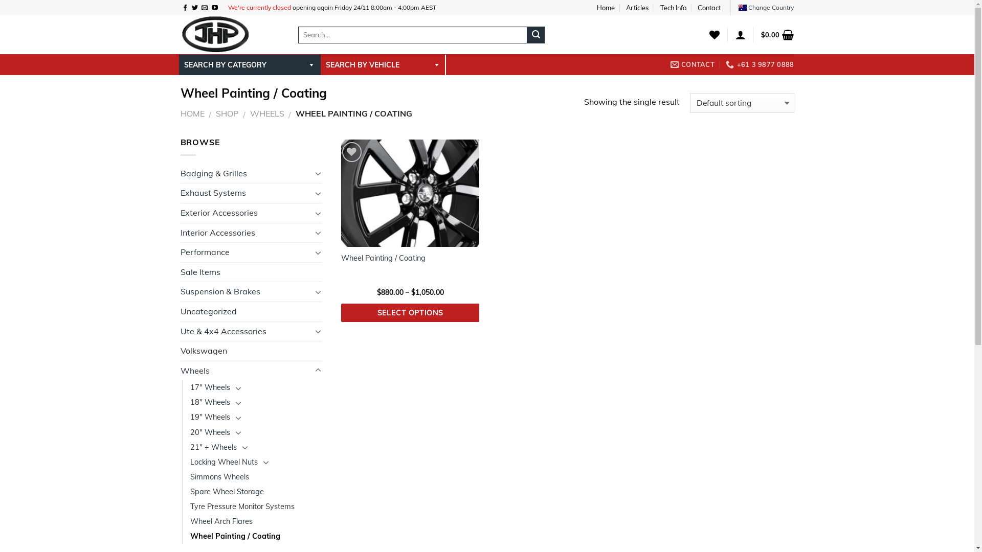 Image resolution: width=982 pixels, height=552 pixels. What do you see at coordinates (245, 291) in the screenshot?
I see `'Suspension & Brakes'` at bounding box center [245, 291].